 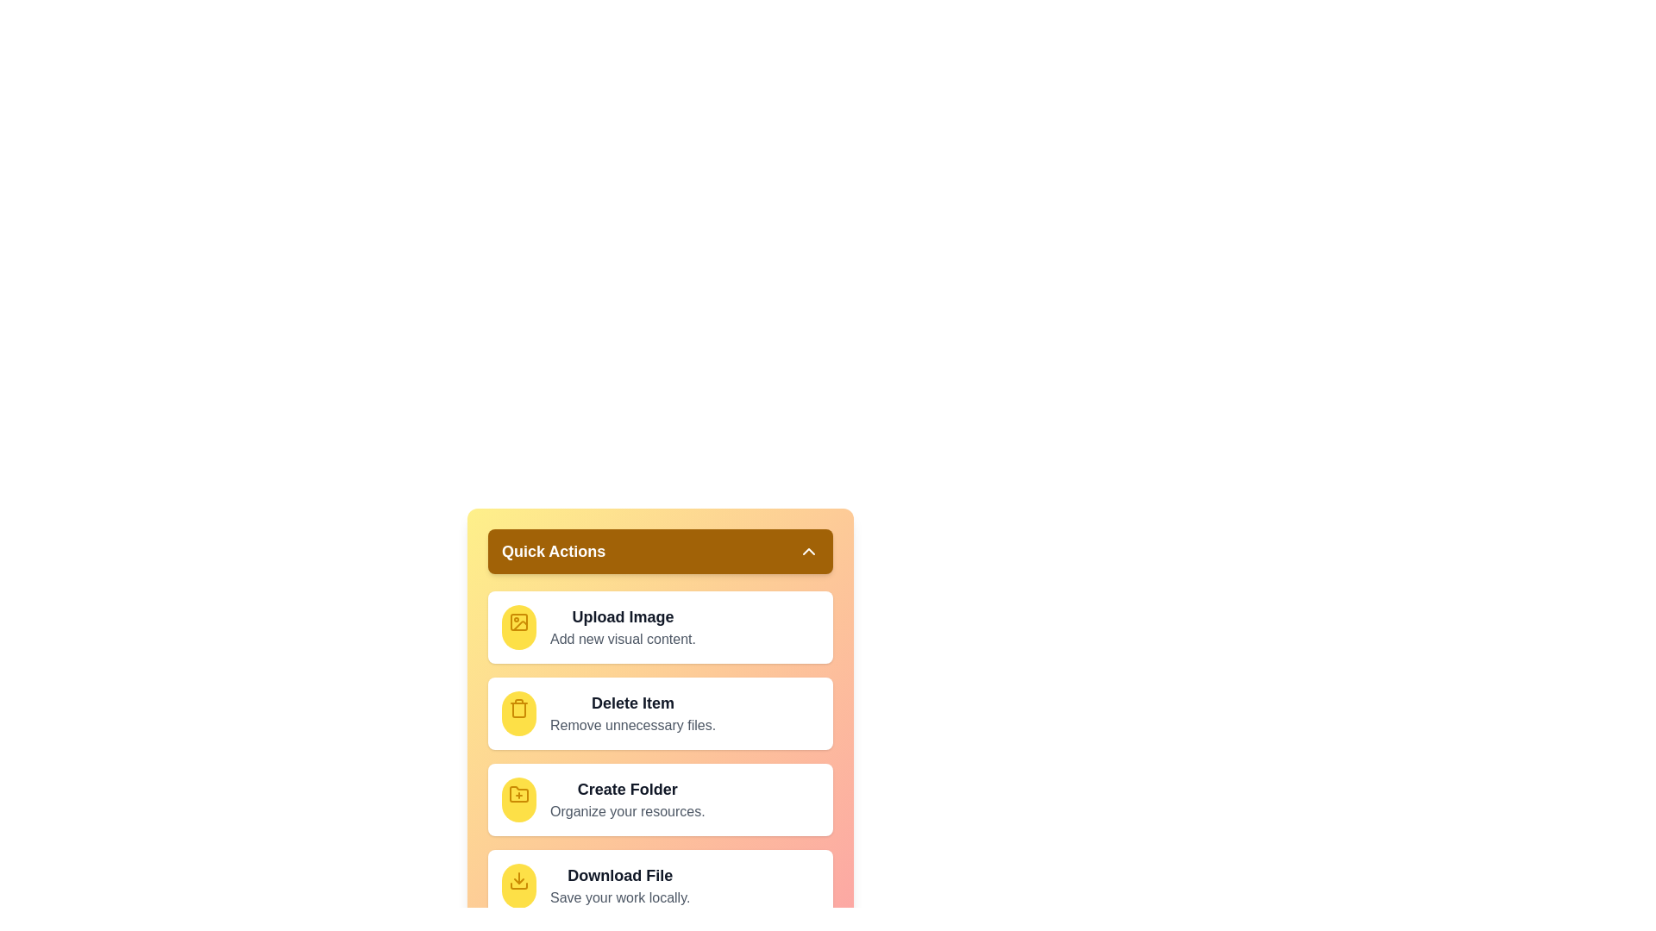 What do you see at coordinates (626, 789) in the screenshot?
I see `the 'Create Folder' action in the QuickActionMenu` at bounding box center [626, 789].